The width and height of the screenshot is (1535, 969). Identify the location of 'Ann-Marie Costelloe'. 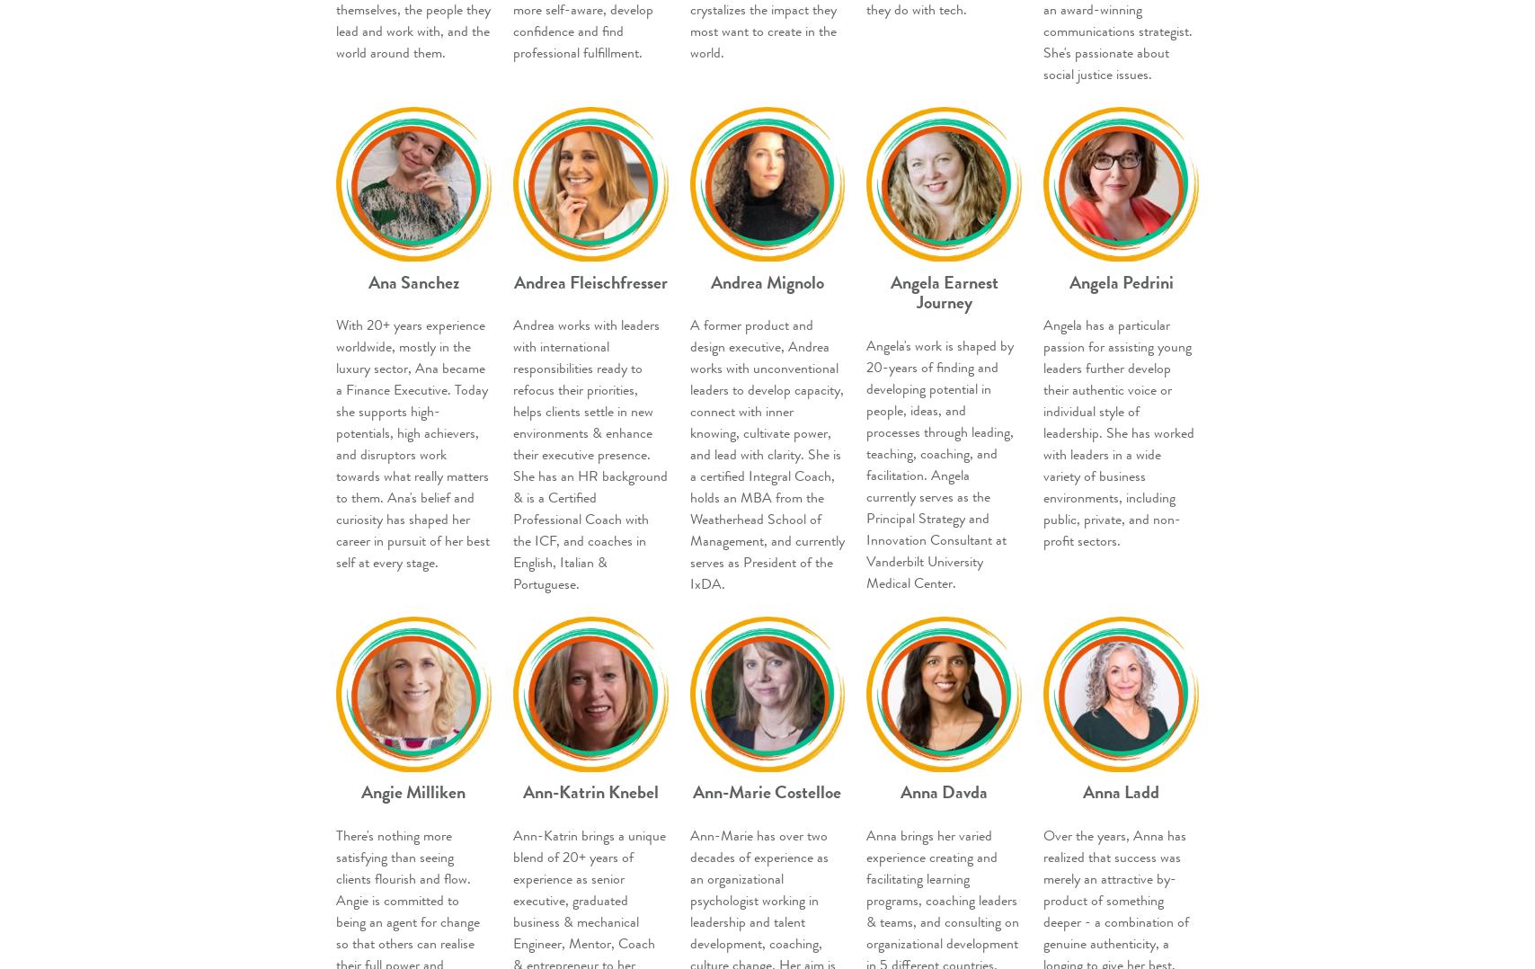
(767, 791).